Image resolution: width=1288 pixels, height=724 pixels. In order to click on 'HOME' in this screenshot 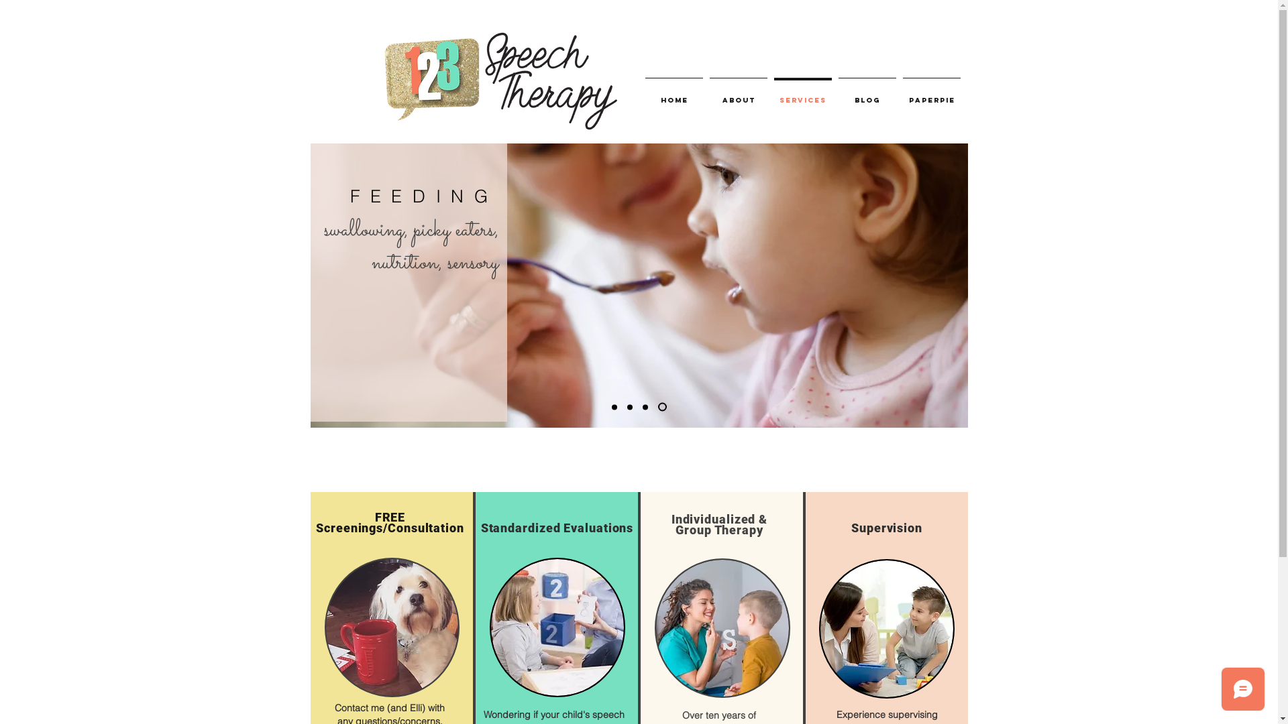, I will do `click(641, 94)`.